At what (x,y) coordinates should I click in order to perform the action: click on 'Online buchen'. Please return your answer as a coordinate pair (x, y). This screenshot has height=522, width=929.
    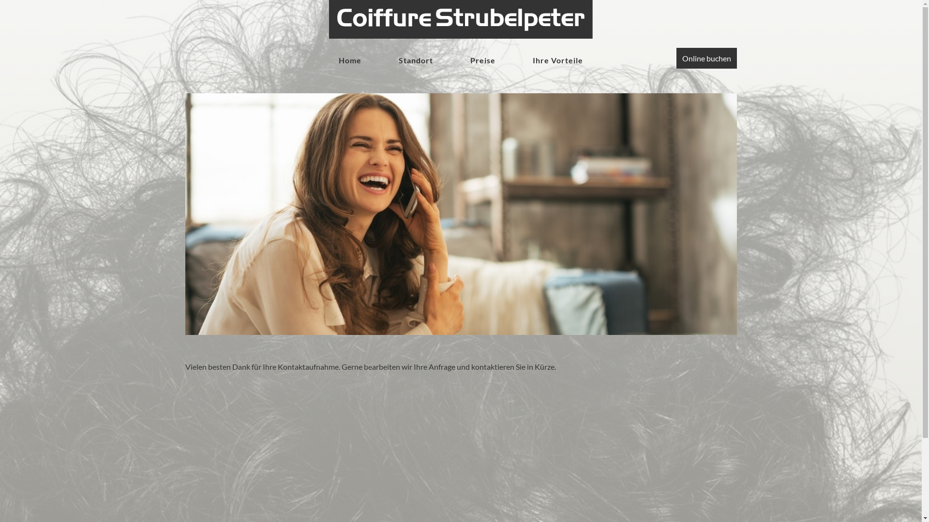
    Looking at the image, I should click on (706, 58).